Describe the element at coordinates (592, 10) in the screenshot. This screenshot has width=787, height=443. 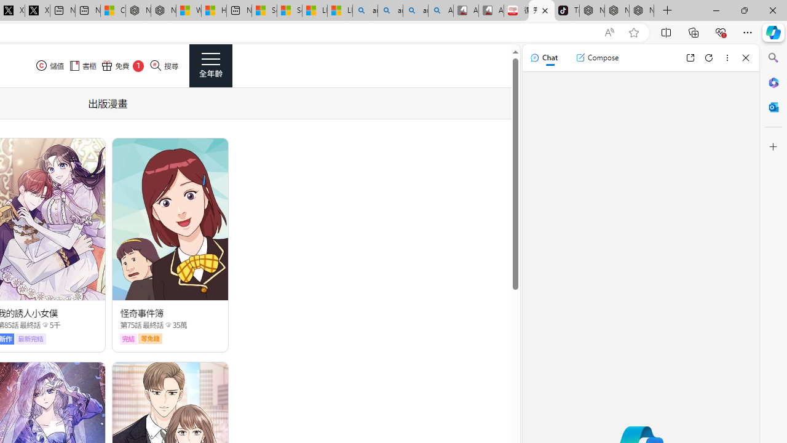
I see `'Nordace - Best Sellers'` at that location.